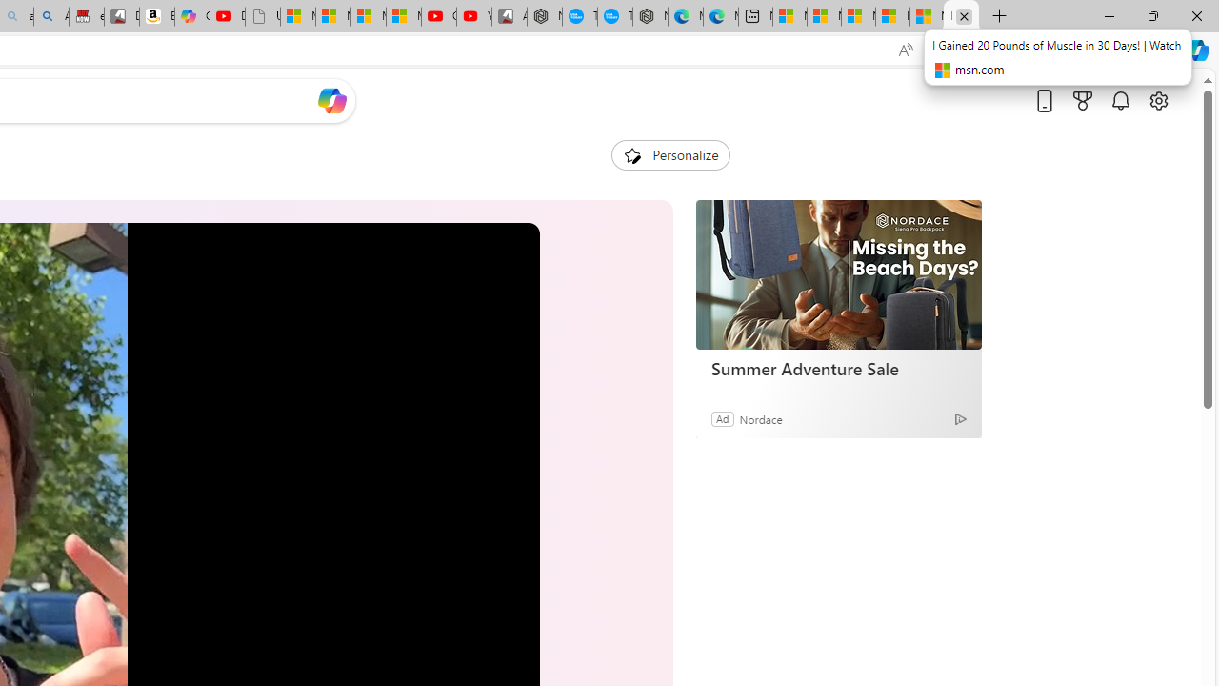 The height and width of the screenshot is (686, 1219). Describe the element at coordinates (331, 100) in the screenshot. I see `'Open Copilot'` at that location.